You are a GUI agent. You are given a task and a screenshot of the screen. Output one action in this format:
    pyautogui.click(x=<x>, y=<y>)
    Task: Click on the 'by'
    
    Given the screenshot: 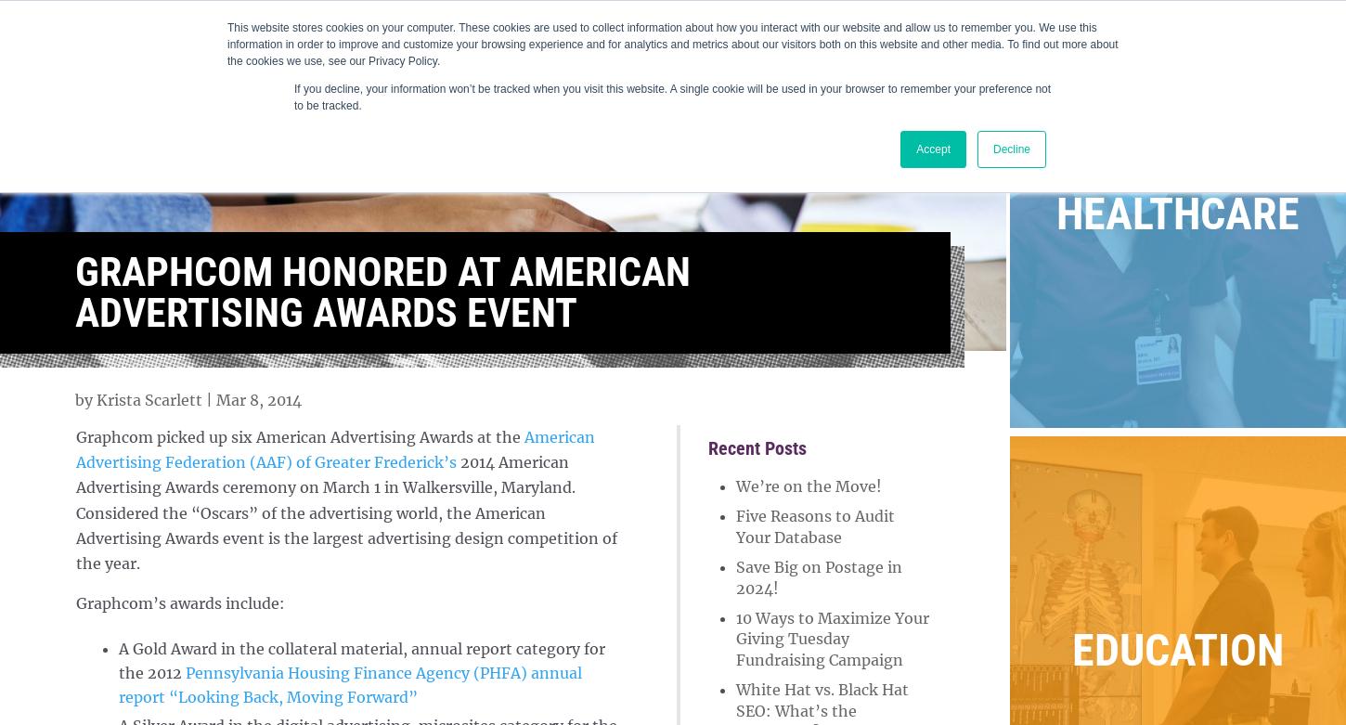 What is the action you would take?
    pyautogui.click(x=85, y=398)
    